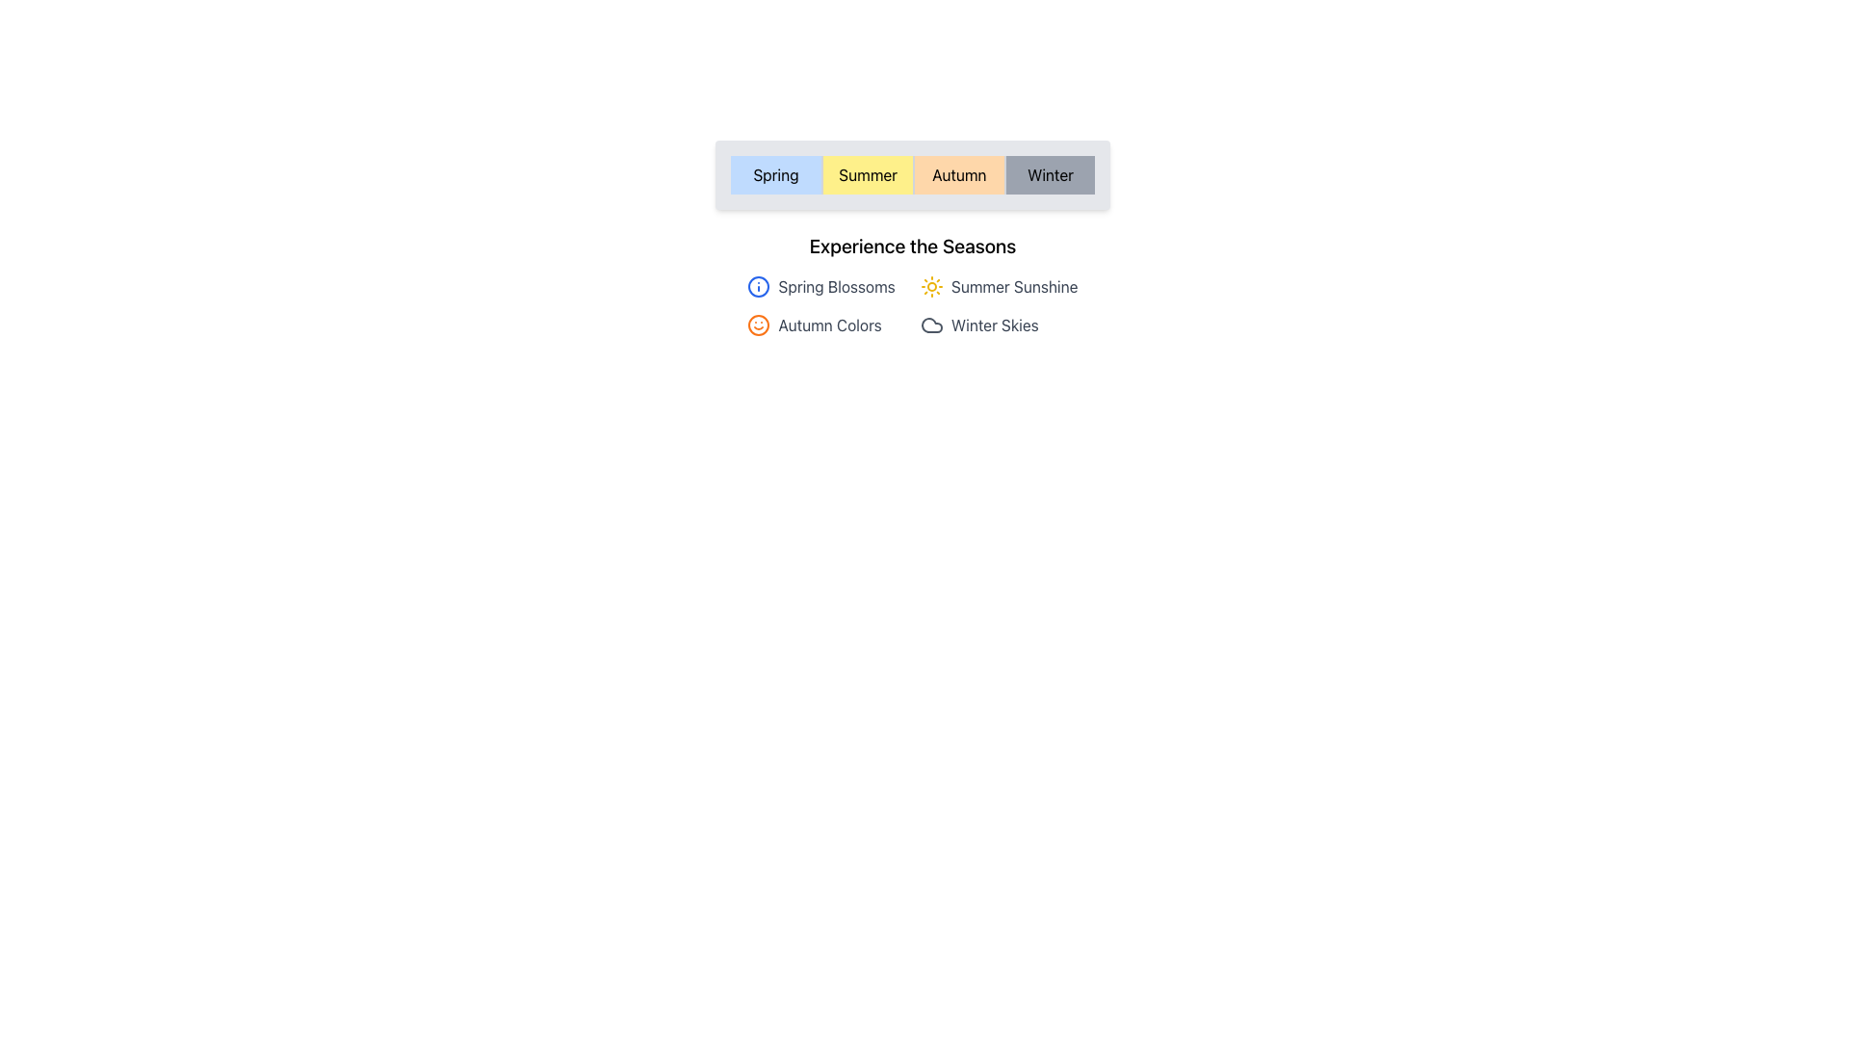  What do you see at coordinates (775, 174) in the screenshot?
I see `the 'Spring' button, which is the leftmost button in a set of four horizontally arranged buttons with a light blue background and black text` at bounding box center [775, 174].